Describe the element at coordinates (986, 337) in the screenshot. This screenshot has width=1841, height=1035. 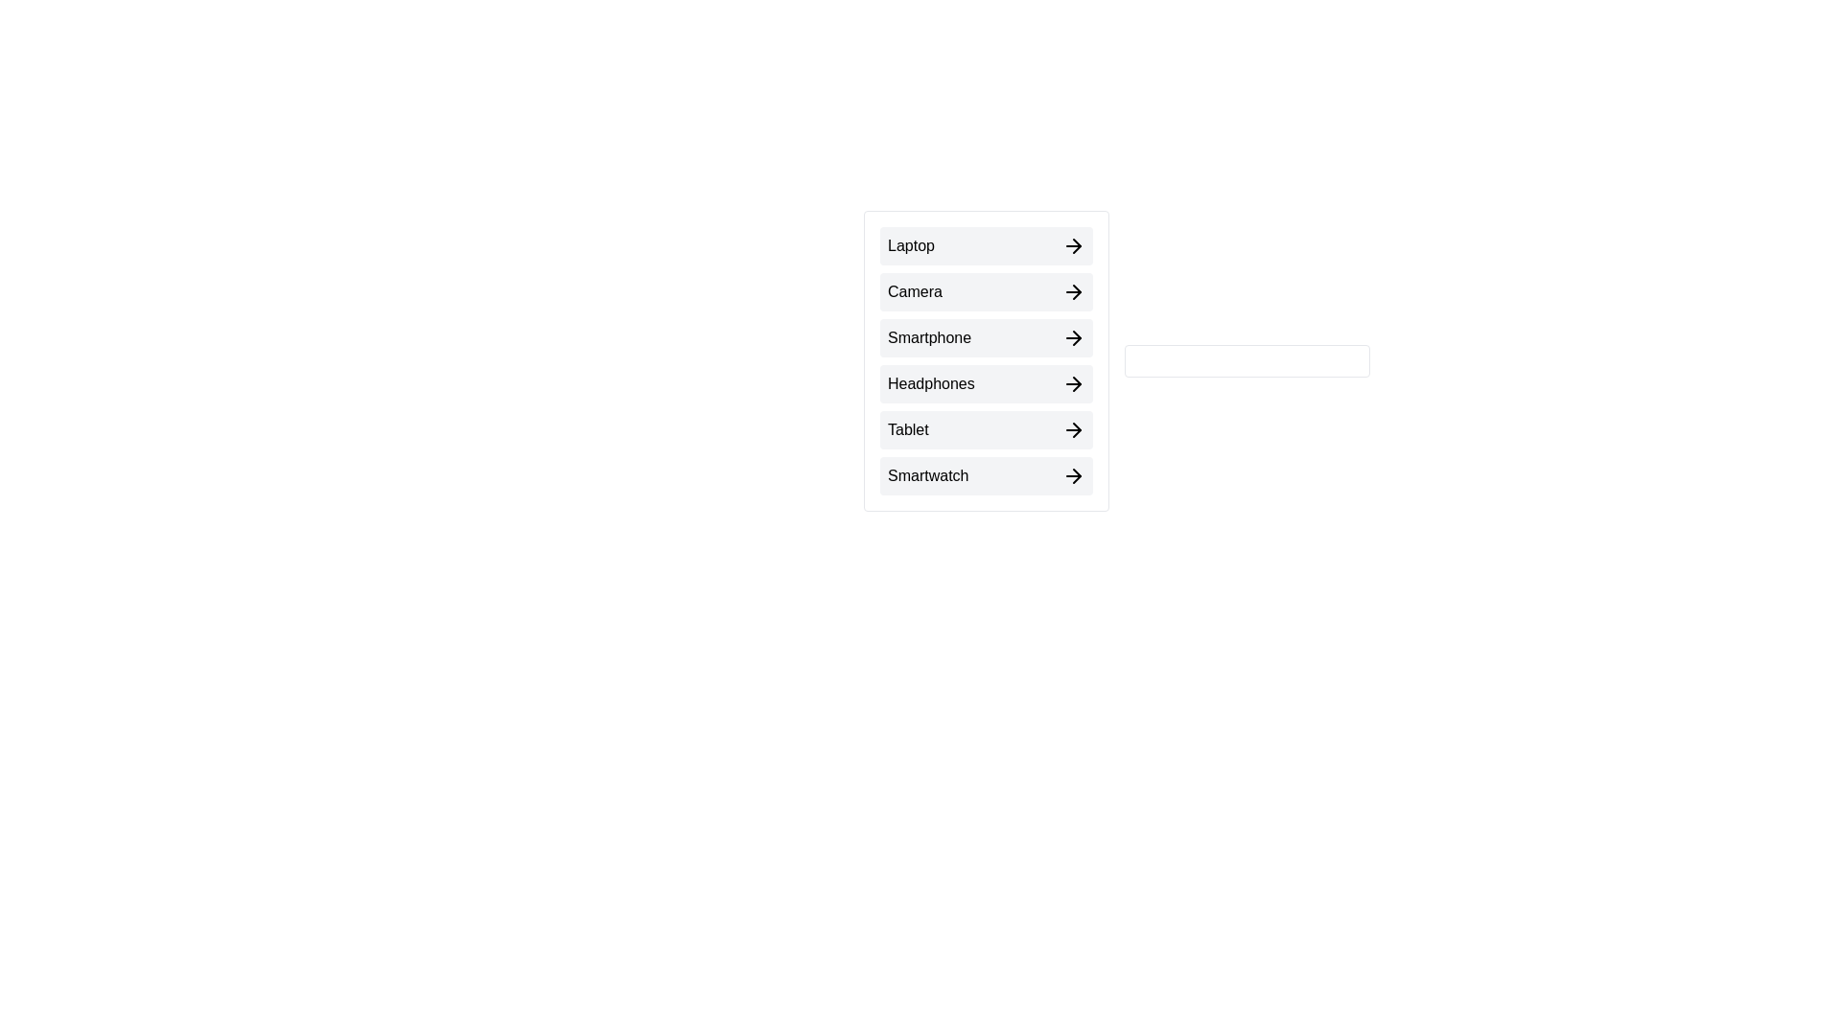
I see `the arrow button next to Smartphone to move it to the right list` at that location.